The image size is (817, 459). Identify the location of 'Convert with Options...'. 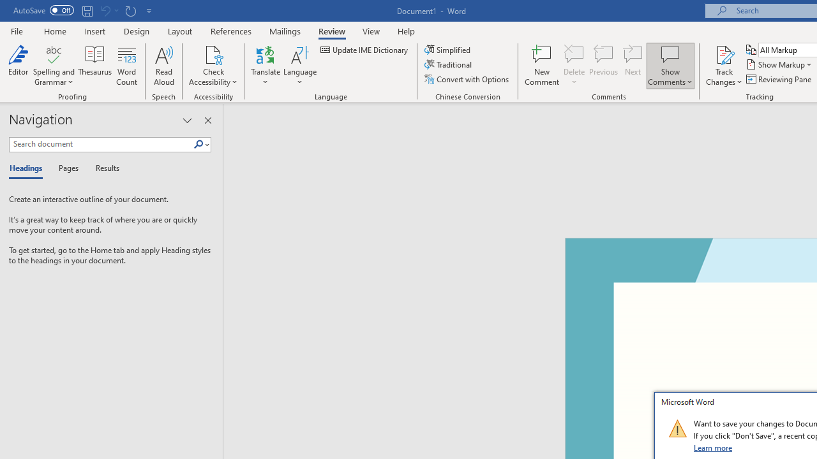
(467, 79).